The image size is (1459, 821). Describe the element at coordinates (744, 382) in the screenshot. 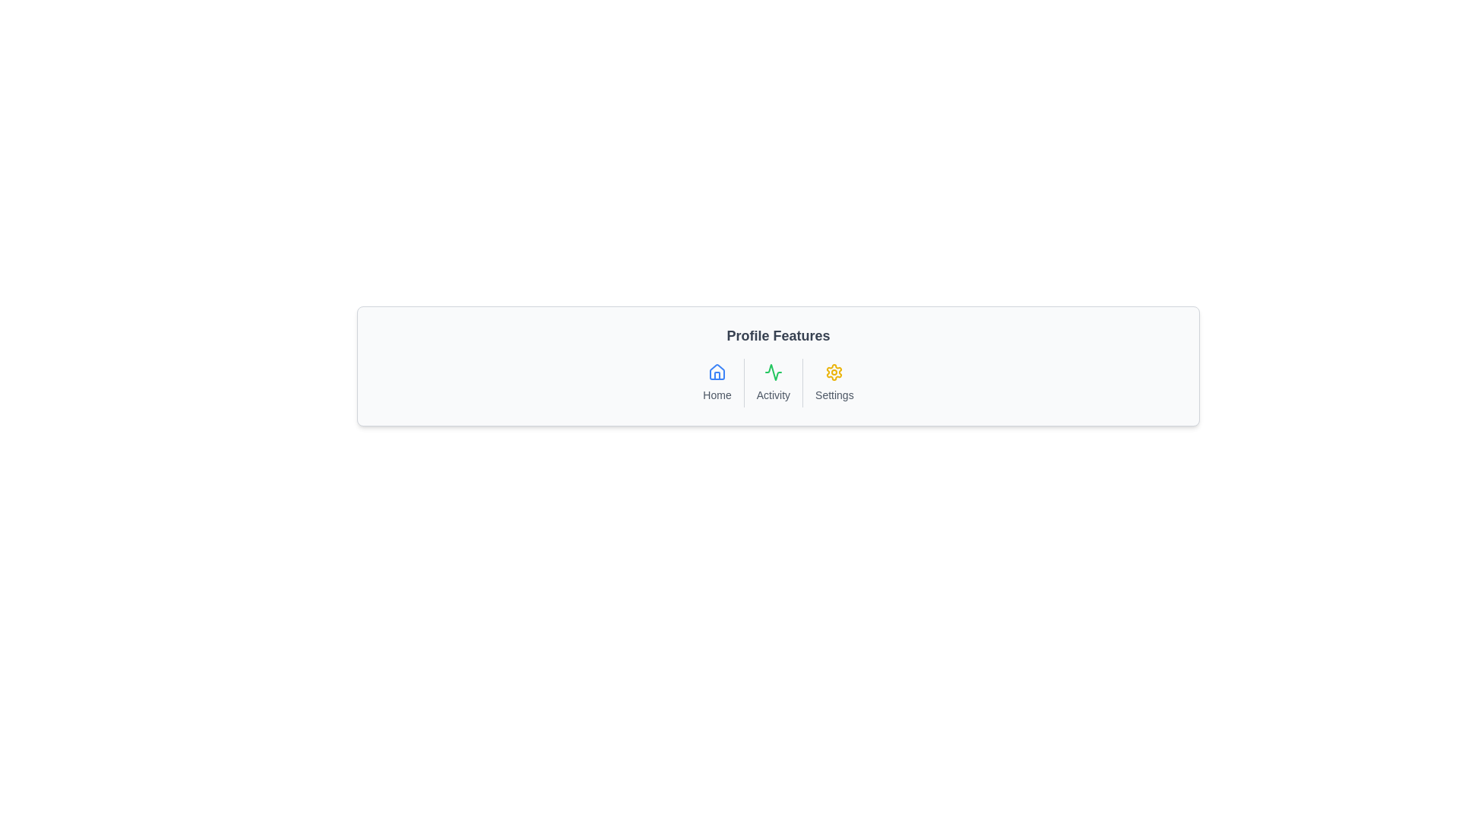

I see `the separator line in the middle row of the horizontally aligned menu, which visually distinguishes the 'Home' and 'Activity' sections` at that location.